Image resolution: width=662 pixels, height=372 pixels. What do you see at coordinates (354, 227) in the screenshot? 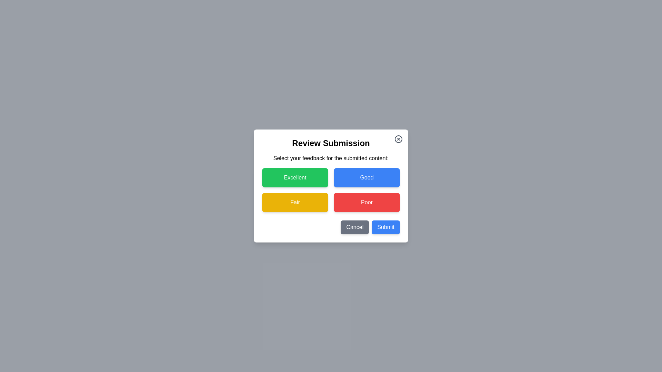
I see `the 'Cancel' button to close the dialog` at bounding box center [354, 227].